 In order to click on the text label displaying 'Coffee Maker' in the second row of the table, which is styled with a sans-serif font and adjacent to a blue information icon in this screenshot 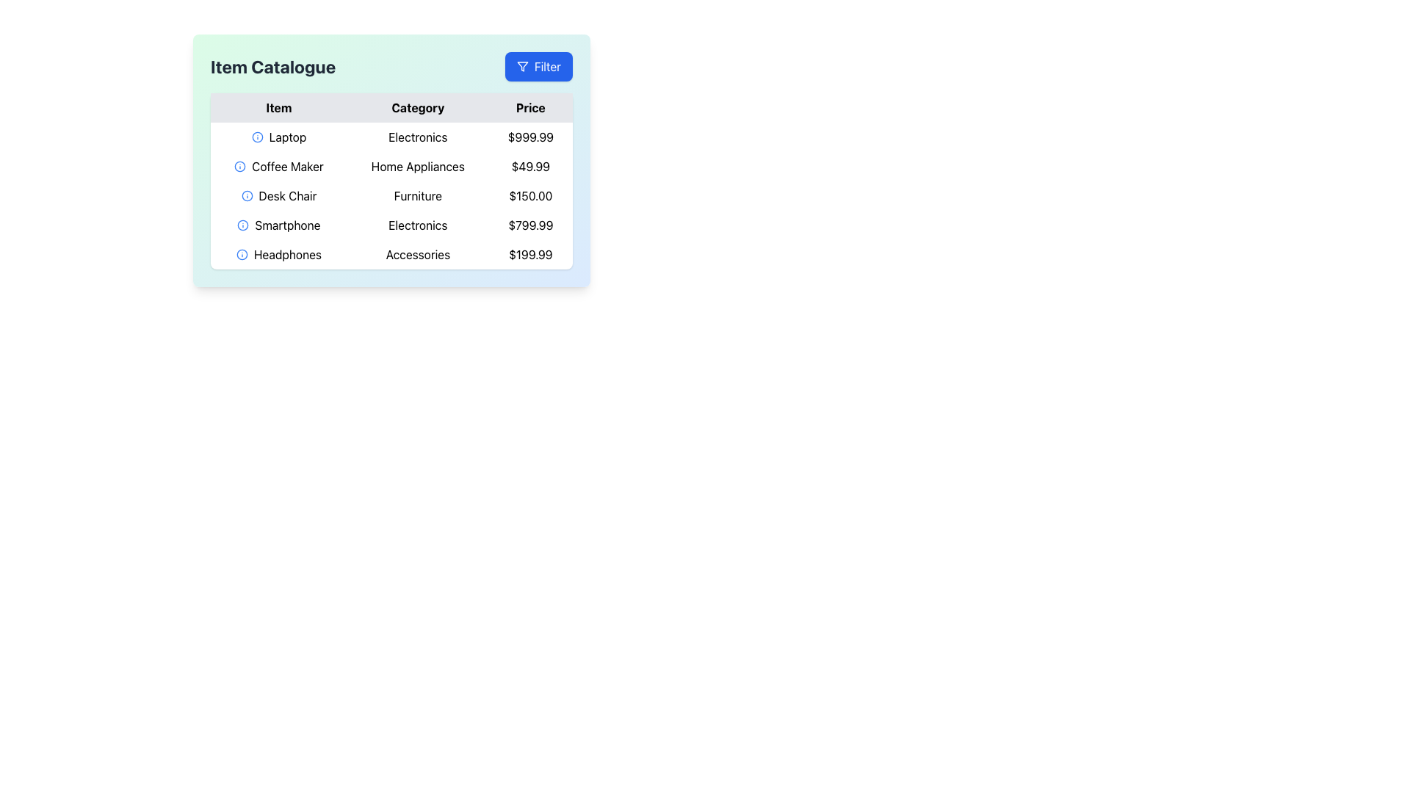, I will do `click(278, 166)`.